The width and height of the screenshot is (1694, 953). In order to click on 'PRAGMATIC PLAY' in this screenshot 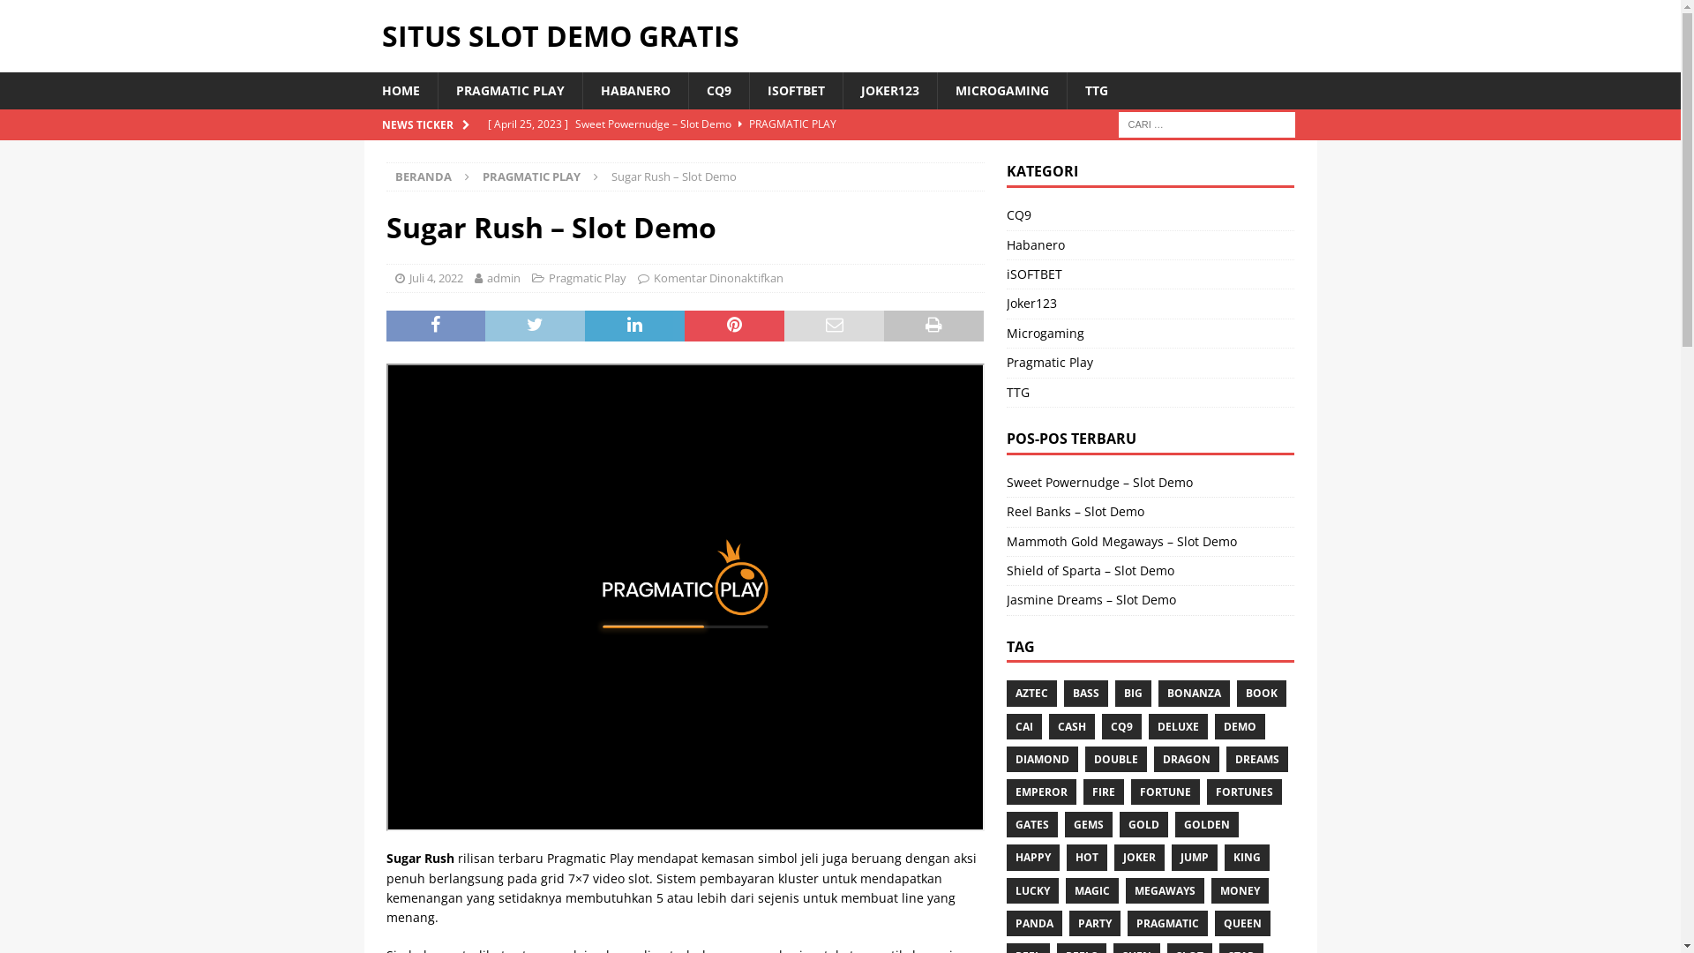, I will do `click(437, 91)`.